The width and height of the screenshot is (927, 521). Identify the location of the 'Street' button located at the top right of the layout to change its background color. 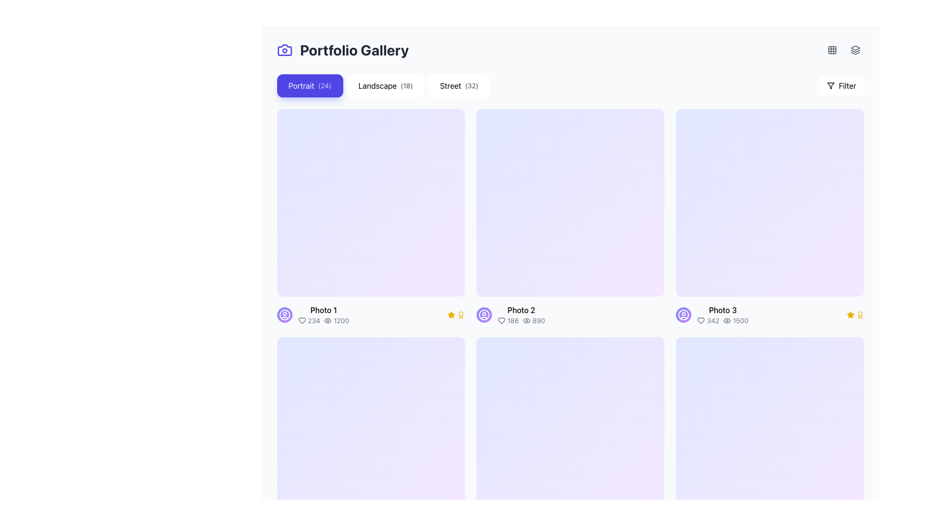
(459, 85).